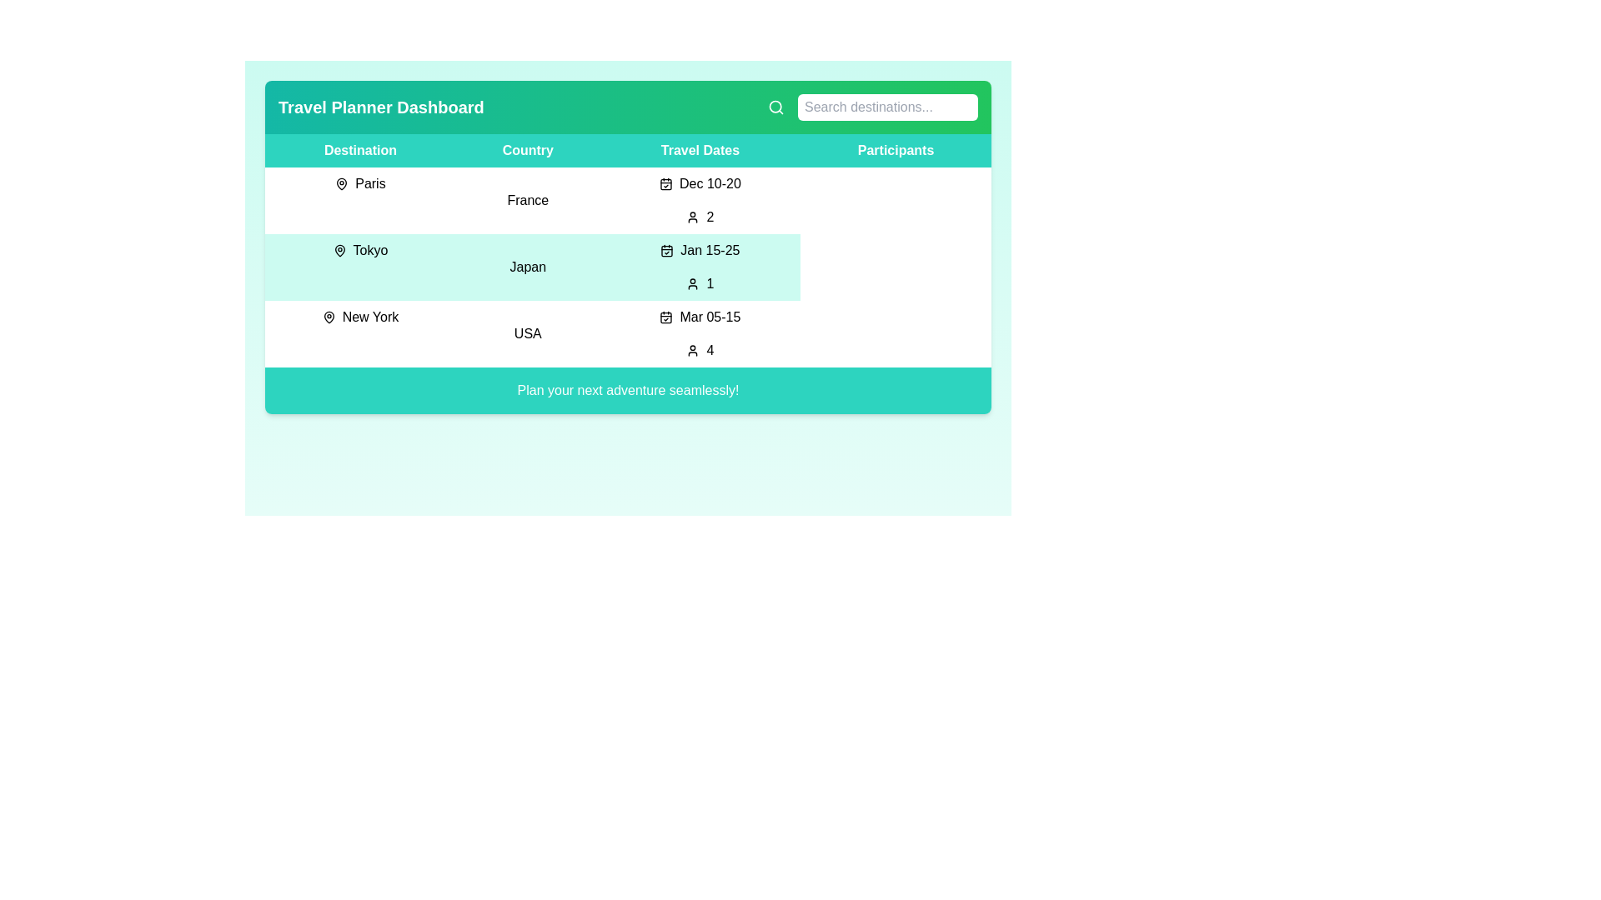 The height and width of the screenshot is (900, 1601). Describe the element at coordinates (341, 183) in the screenshot. I see `the icon representing the city 'Paris'` at that location.